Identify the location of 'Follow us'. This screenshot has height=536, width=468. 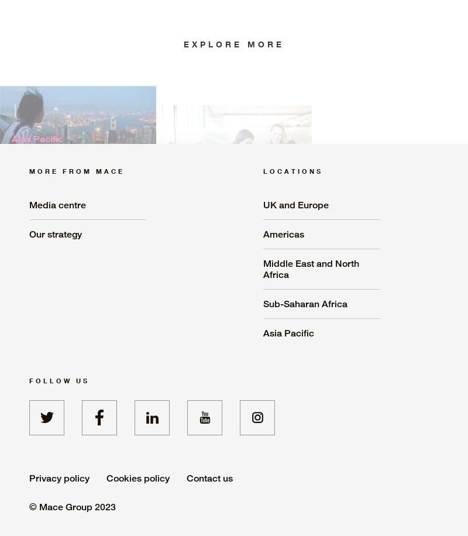
(58, 379).